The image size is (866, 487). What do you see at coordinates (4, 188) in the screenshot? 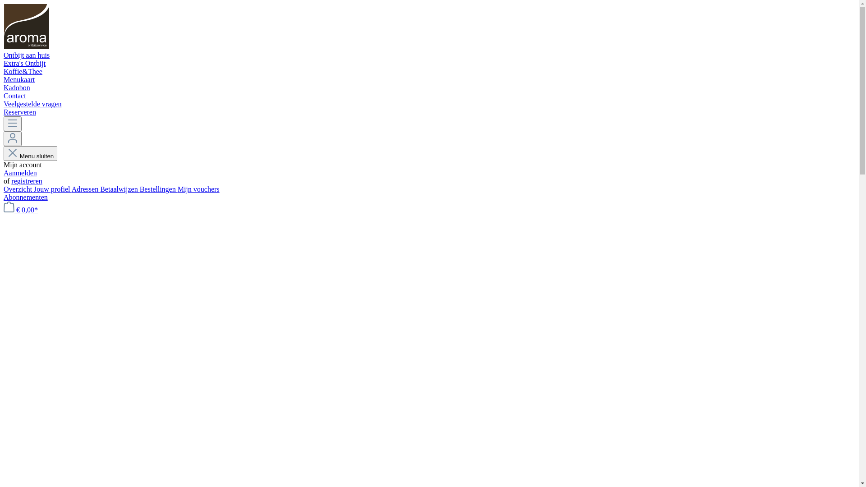
I see `'Overzicht'` at bounding box center [4, 188].